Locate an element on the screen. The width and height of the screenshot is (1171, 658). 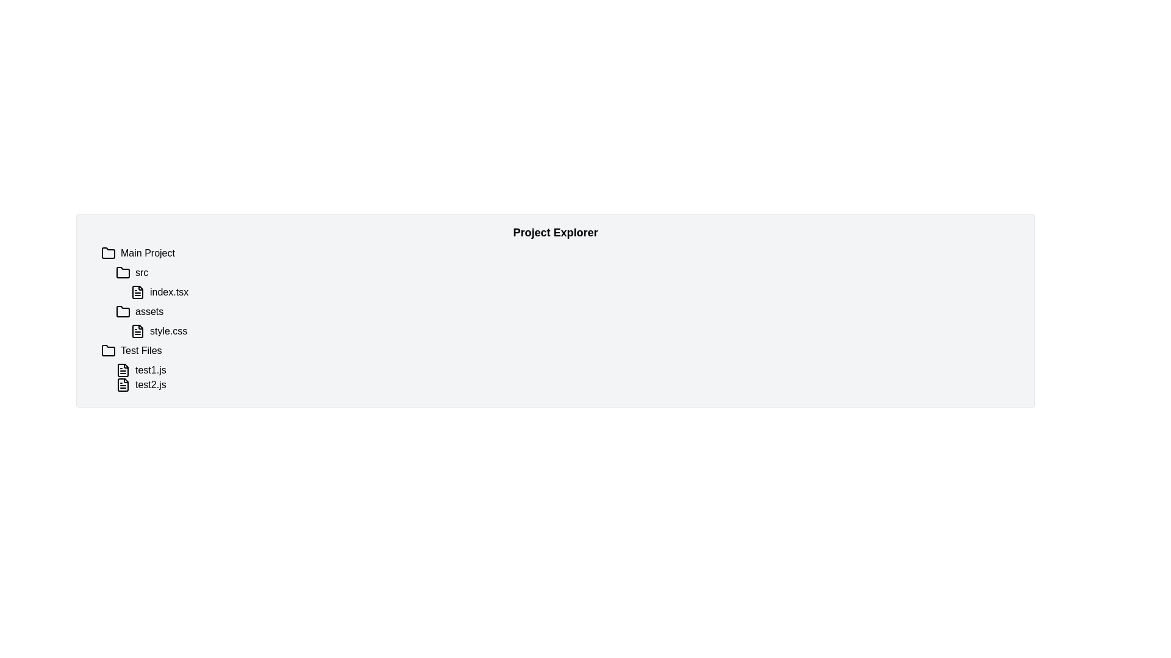
the folder icon for 'Main Project' located on the left side of the label is located at coordinates (108, 252).